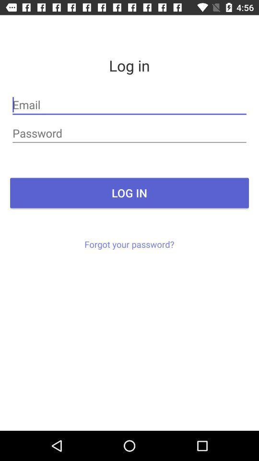 The width and height of the screenshot is (259, 461). What do you see at coordinates (129, 105) in the screenshot?
I see `email` at bounding box center [129, 105].